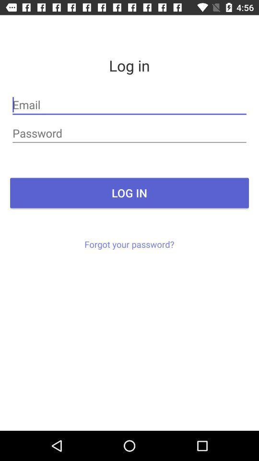 The width and height of the screenshot is (259, 461). What do you see at coordinates (129, 105) in the screenshot?
I see `email` at bounding box center [129, 105].